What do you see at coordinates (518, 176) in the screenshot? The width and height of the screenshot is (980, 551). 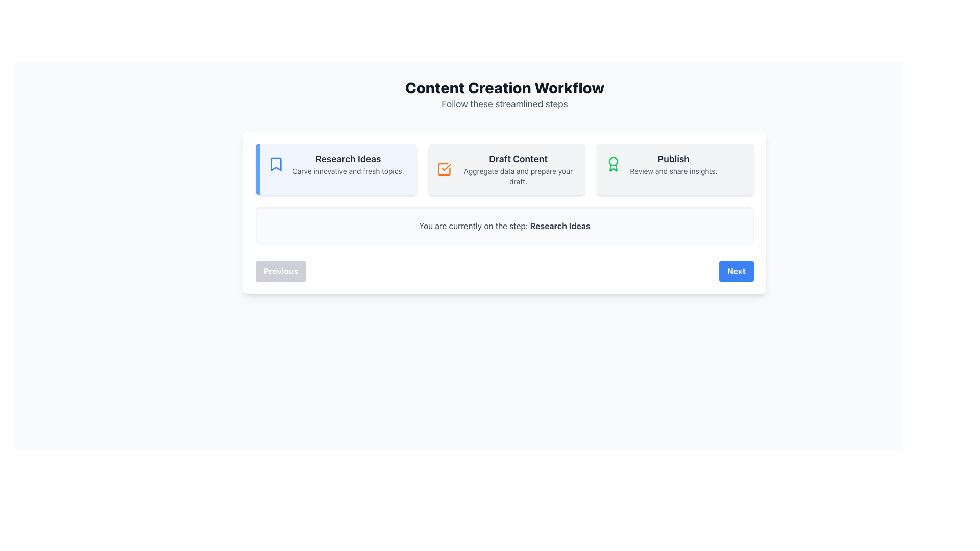 I see `text label that says 'Aggregate data and prepare your draft.', which is styled in gray font and located below the bold heading 'Draft Content'` at bounding box center [518, 176].